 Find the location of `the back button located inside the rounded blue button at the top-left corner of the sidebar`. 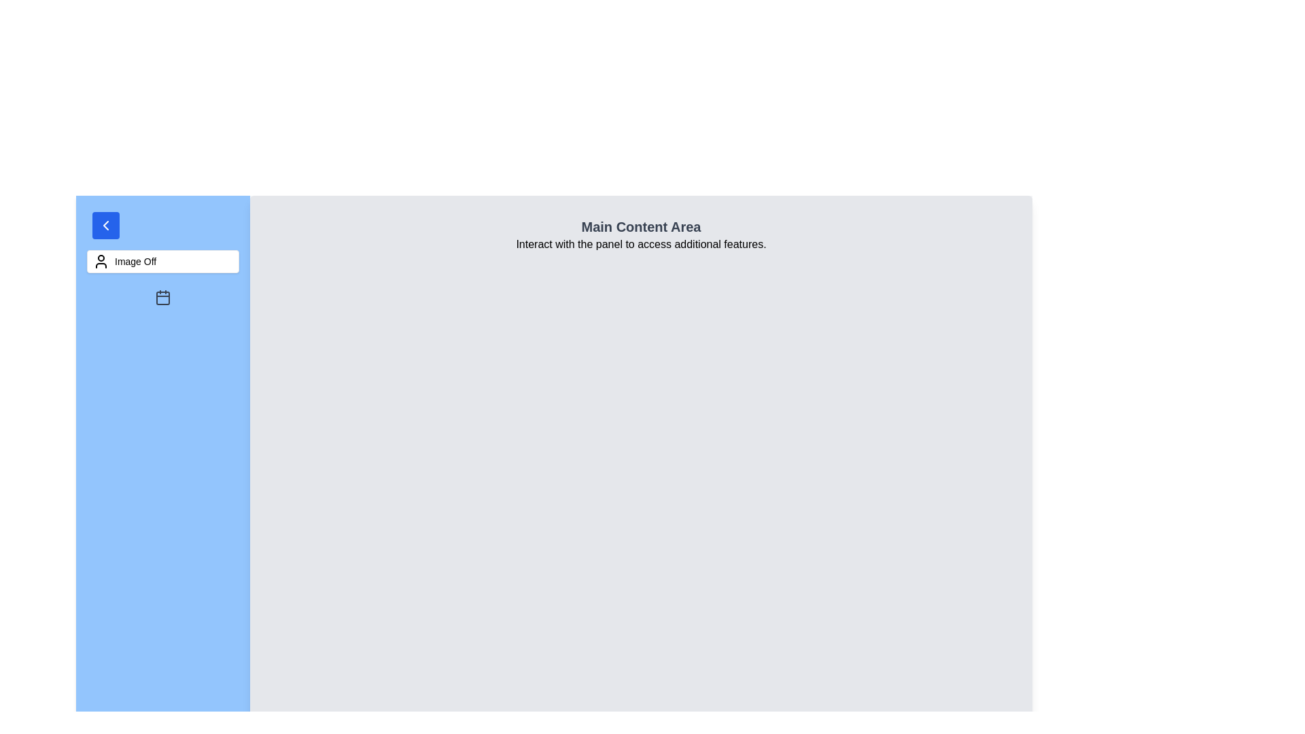

the back button located inside the rounded blue button at the top-left corner of the sidebar is located at coordinates (105, 224).